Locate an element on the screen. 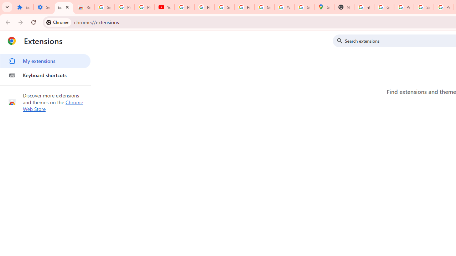 The width and height of the screenshot is (456, 256). 'Extensions' is located at coordinates (64, 7).